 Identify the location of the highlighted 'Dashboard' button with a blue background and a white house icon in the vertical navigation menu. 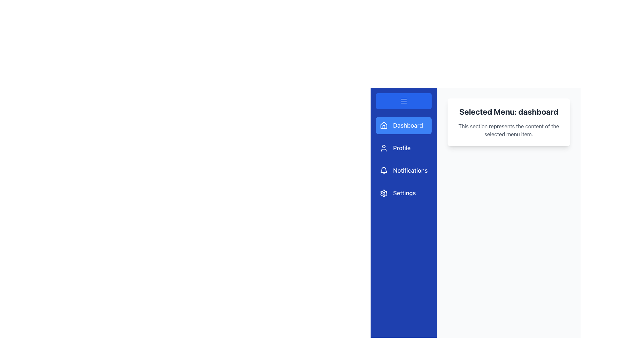
(403, 125).